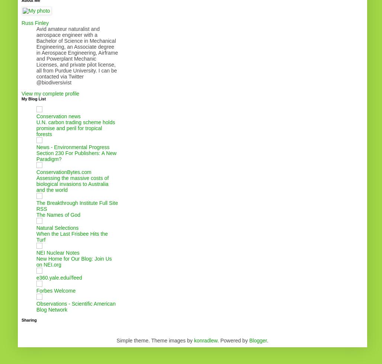 The height and width of the screenshot is (364, 382). Describe the element at coordinates (64, 172) in the screenshot. I see `'ConservationBytes.com'` at that location.